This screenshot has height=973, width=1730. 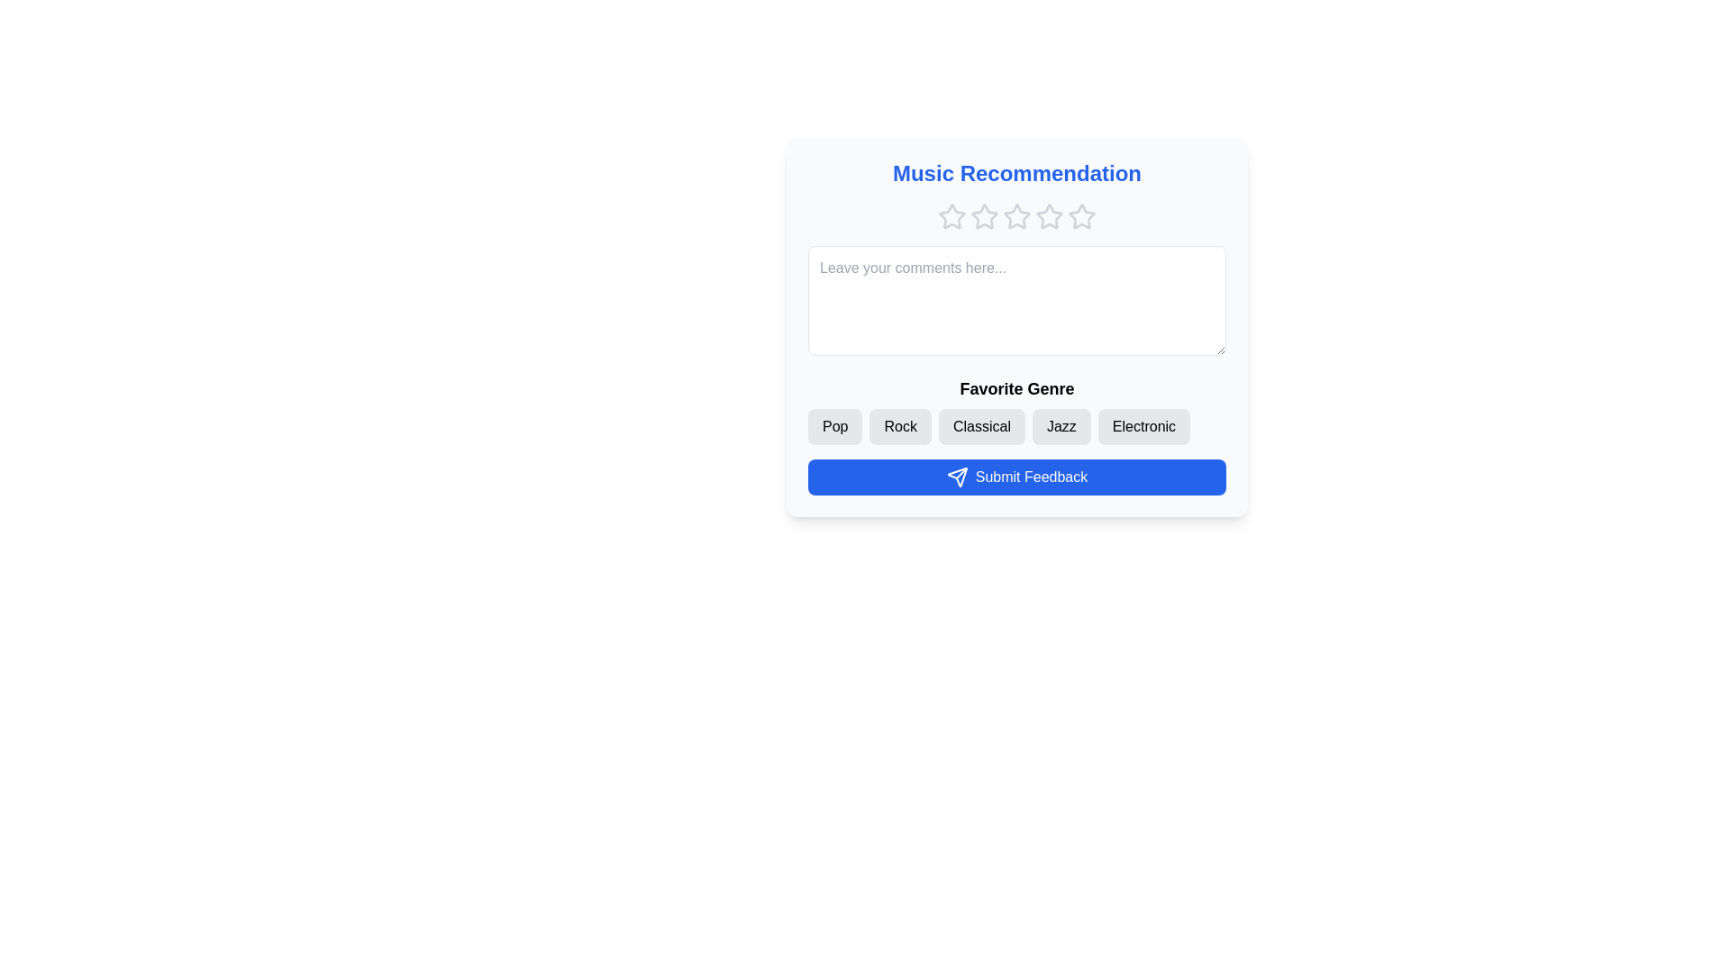 I want to click on the fifth star icon in the rating system, so click(x=1081, y=215).